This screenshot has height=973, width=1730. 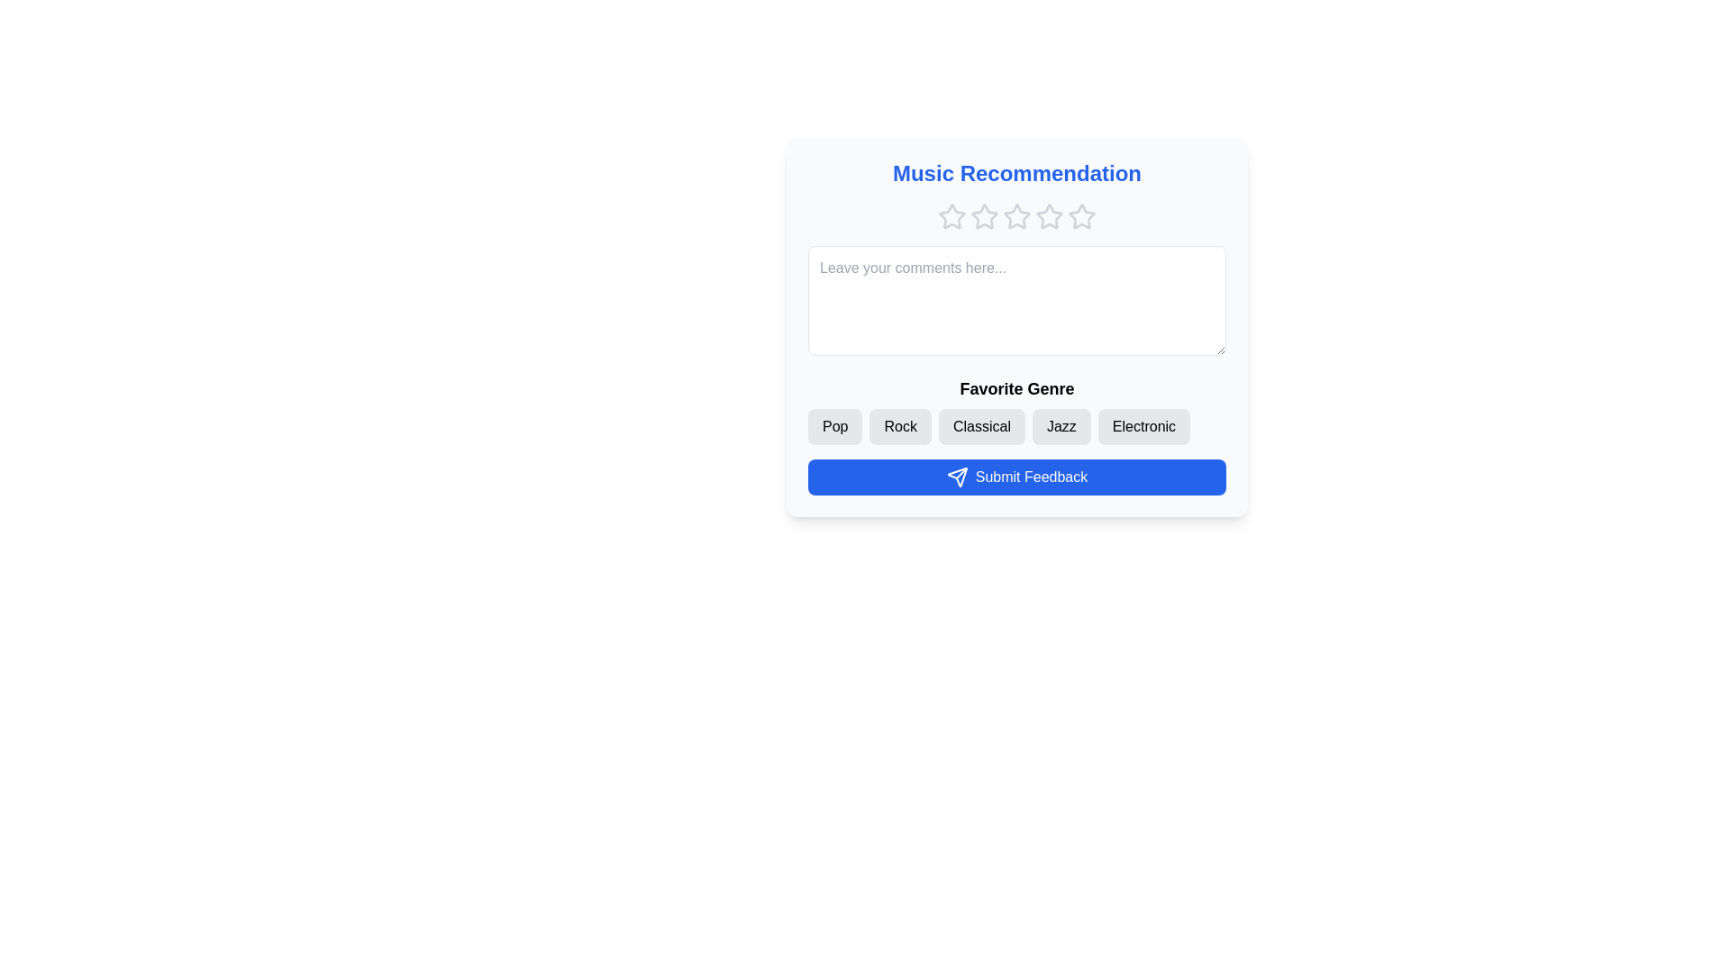 I want to click on the fifth star icon in the rating system, so click(x=1081, y=215).